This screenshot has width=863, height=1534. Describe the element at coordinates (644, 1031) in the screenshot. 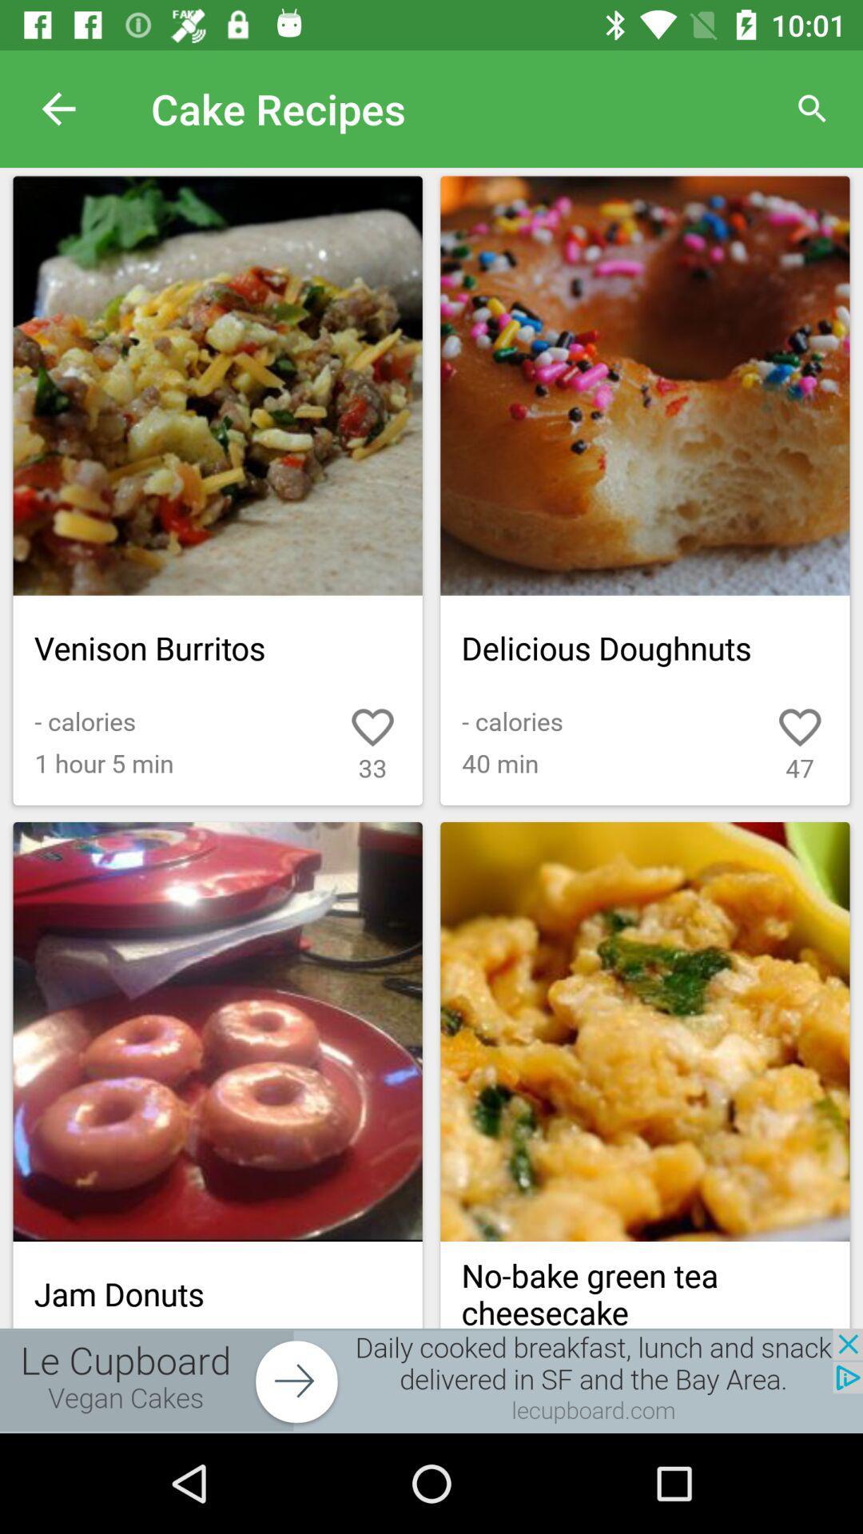

I see `the fourth image of the page` at that location.